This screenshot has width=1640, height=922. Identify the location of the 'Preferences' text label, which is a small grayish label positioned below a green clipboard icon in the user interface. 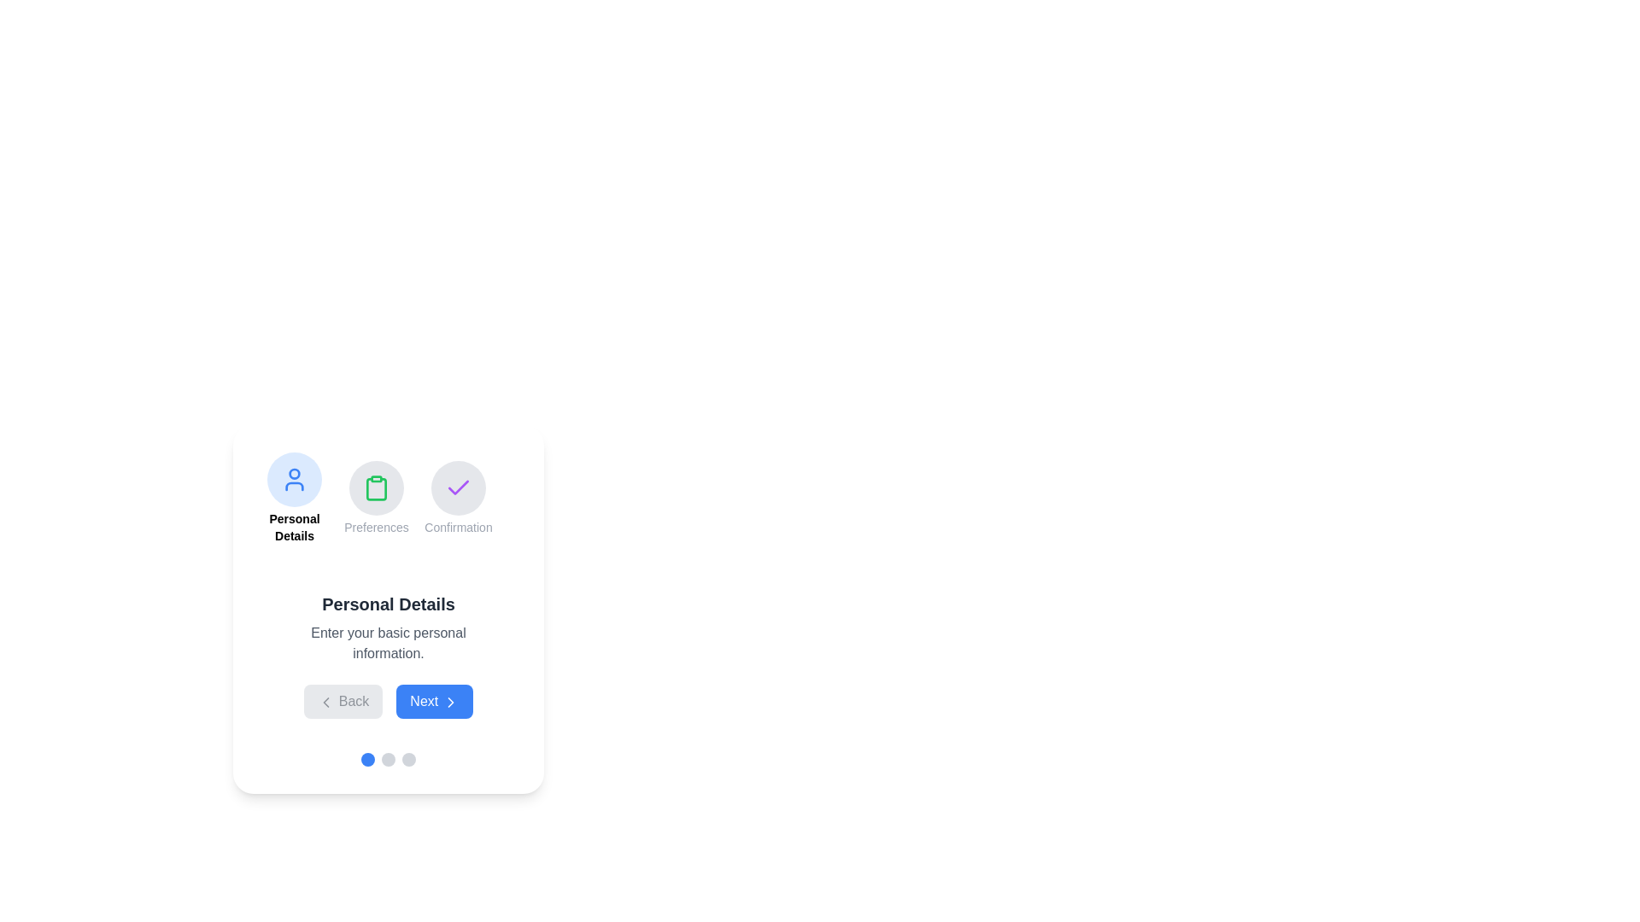
(376, 526).